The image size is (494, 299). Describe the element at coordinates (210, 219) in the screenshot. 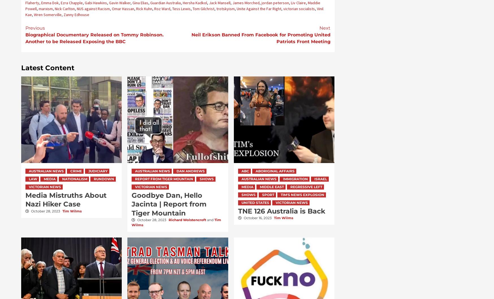

I see `'and'` at that location.